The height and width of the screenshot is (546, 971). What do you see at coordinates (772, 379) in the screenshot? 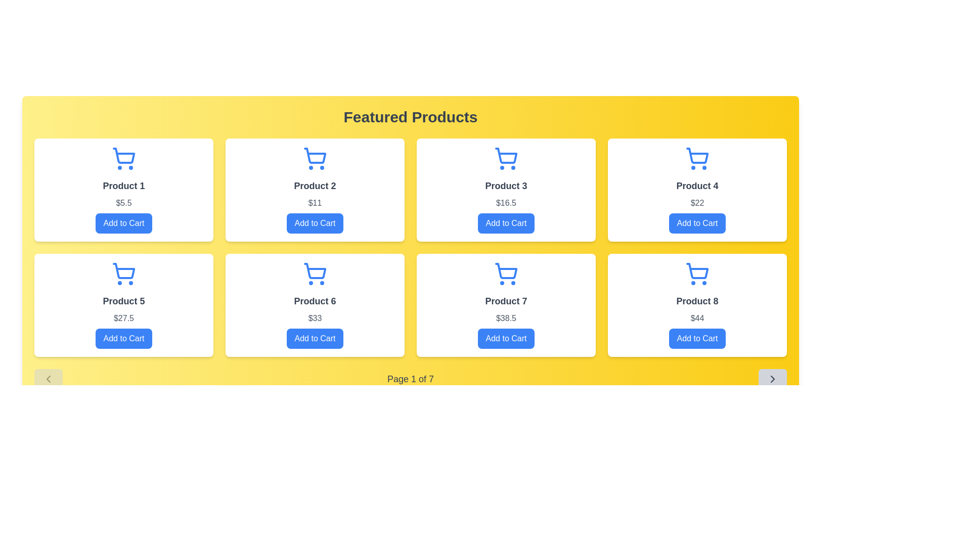
I see `the right-pointing chevron arrow icon located in the bottom-right section of the interface within a gray rounded rectangular button` at bounding box center [772, 379].